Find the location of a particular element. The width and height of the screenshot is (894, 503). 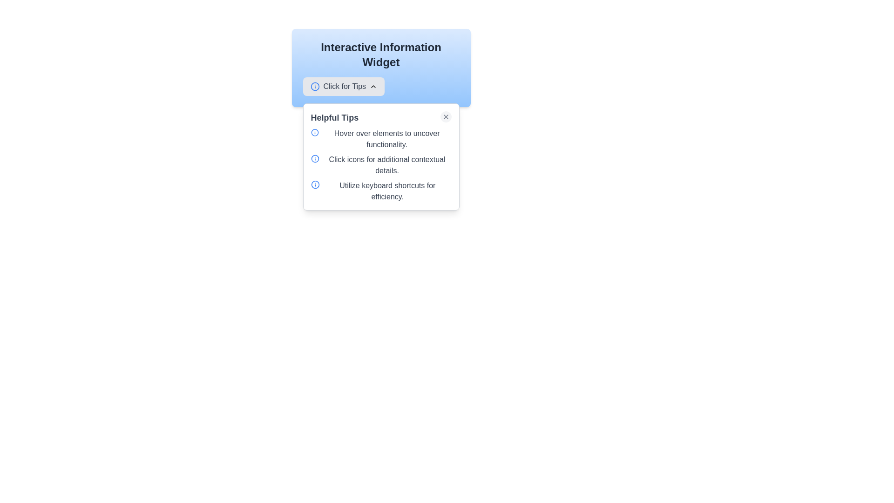

the close button located to the far right of the 'Helpful Tips' section is located at coordinates (445, 116).